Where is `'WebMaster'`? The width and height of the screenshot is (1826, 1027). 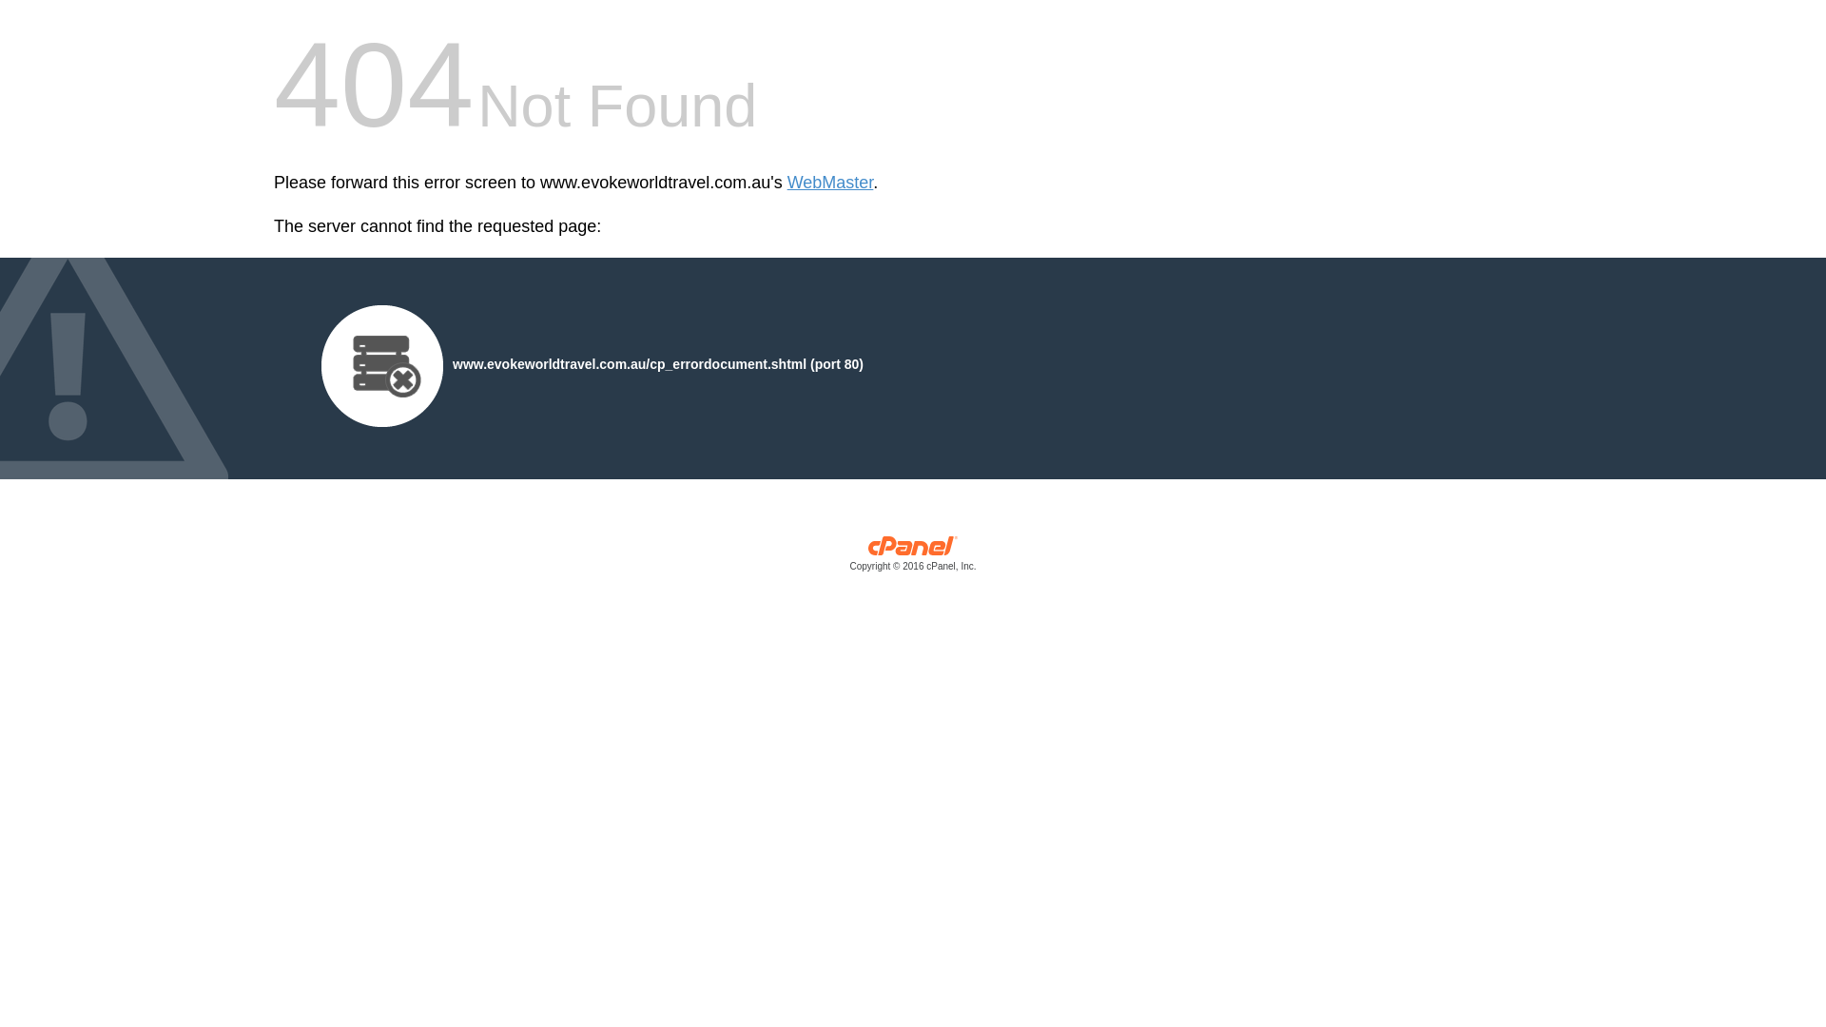
'WebMaster' is located at coordinates (830, 183).